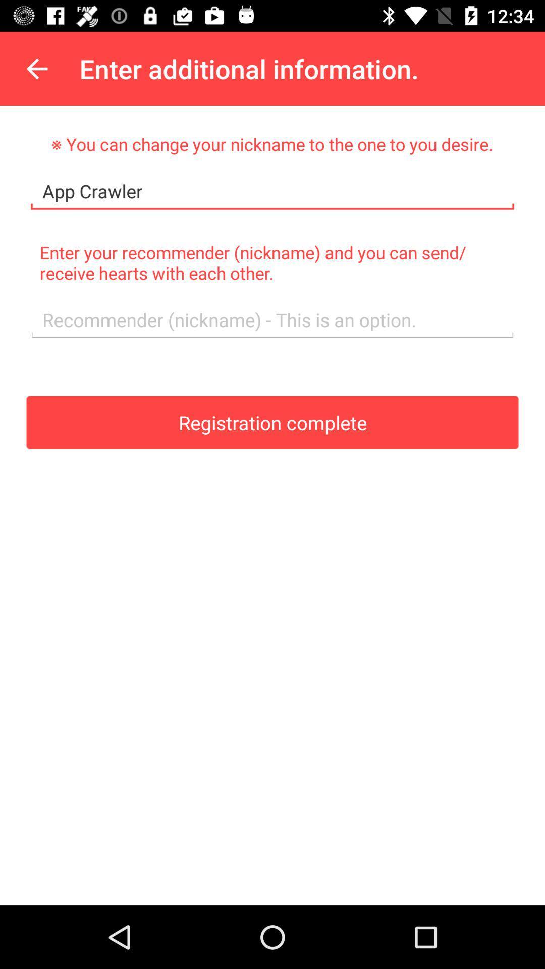  What do you see at coordinates (272, 319) in the screenshot?
I see `recommend someone` at bounding box center [272, 319].